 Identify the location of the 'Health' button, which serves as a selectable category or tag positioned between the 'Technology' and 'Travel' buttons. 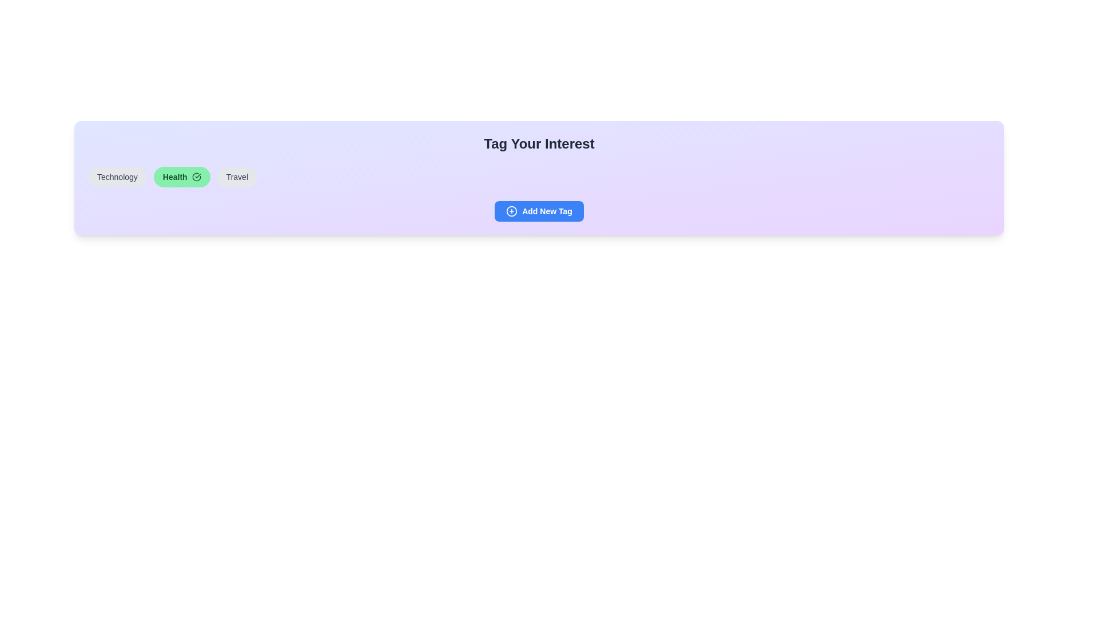
(181, 177).